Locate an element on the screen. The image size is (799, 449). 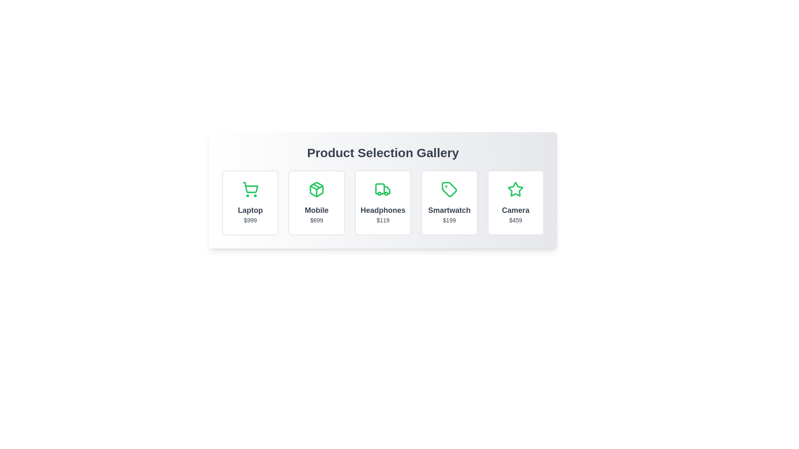
the green tag-shaped icon located within the smartwatch option of the product gallery, which has a cutout circle near one corner and is positioned above the smartwatch label is located at coordinates (449, 189).